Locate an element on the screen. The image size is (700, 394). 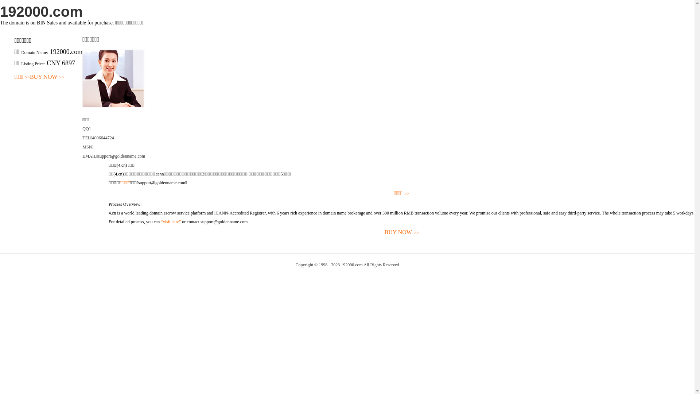
'BUY NOW>>' is located at coordinates (401, 232).